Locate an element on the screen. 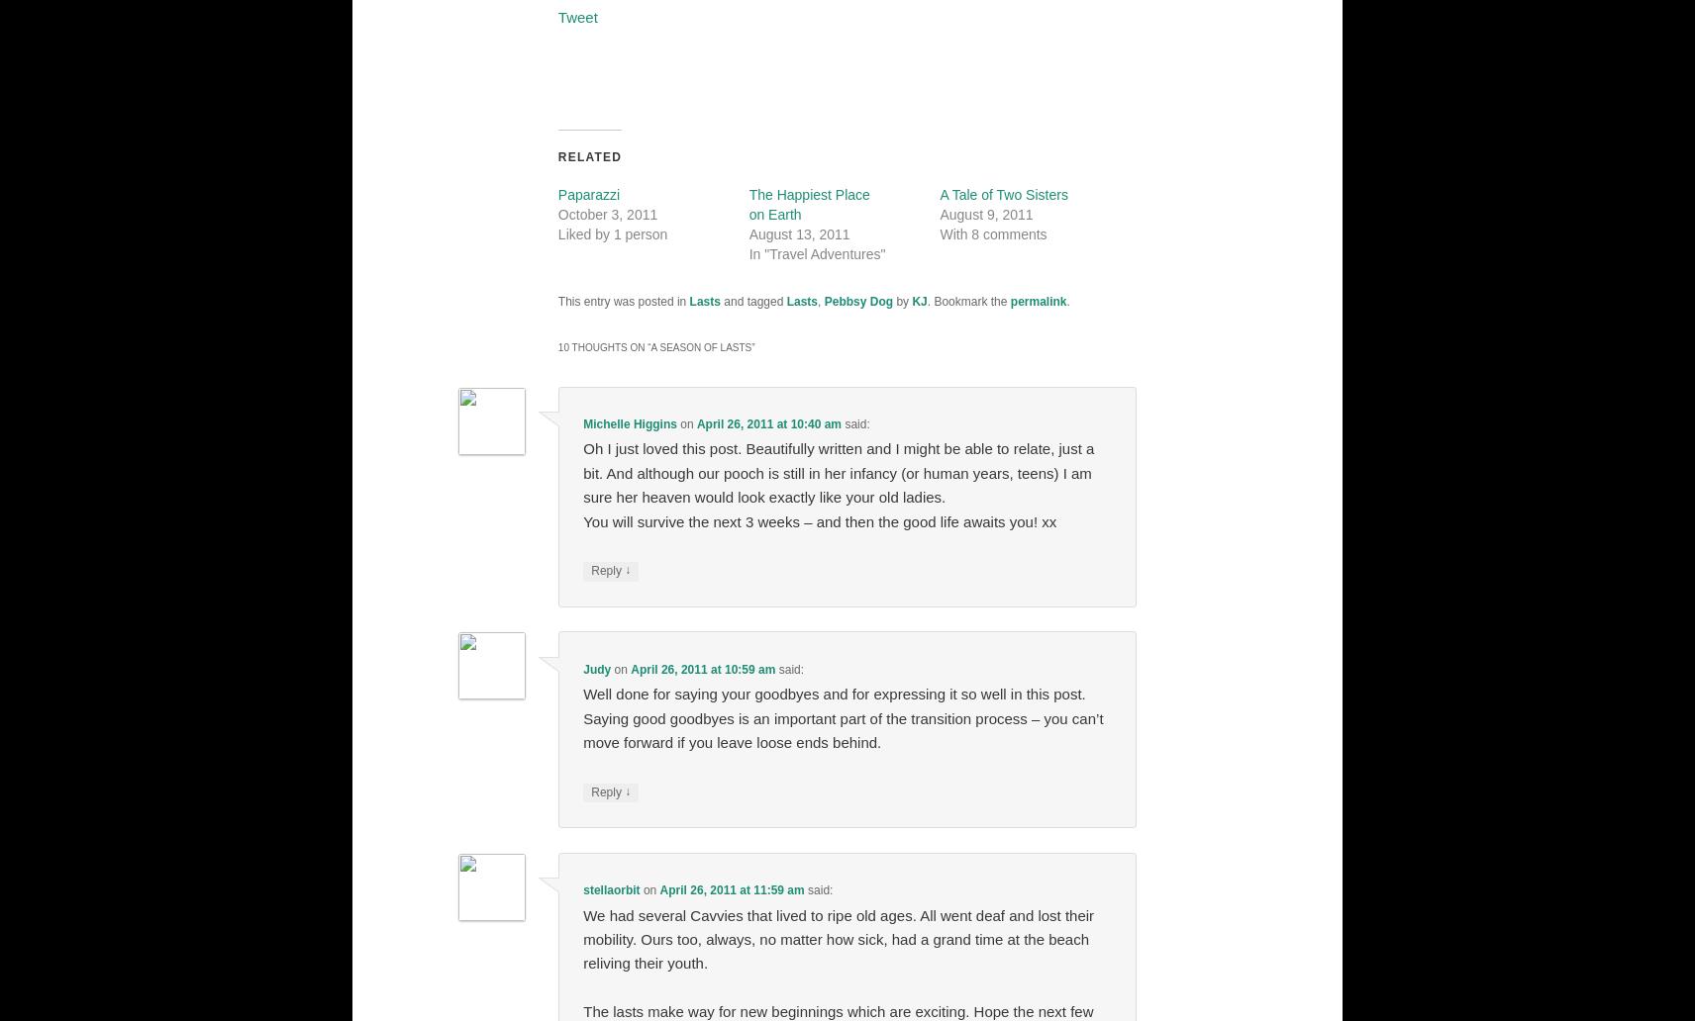  'Oh I just loved this post. Beautifully written and I might be able to relate, just a bit. And although our pooch is still in her infancy (or human years, teens) I am sure her heaven would look exactly like your old ladies.' is located at coordinates (581, 472).